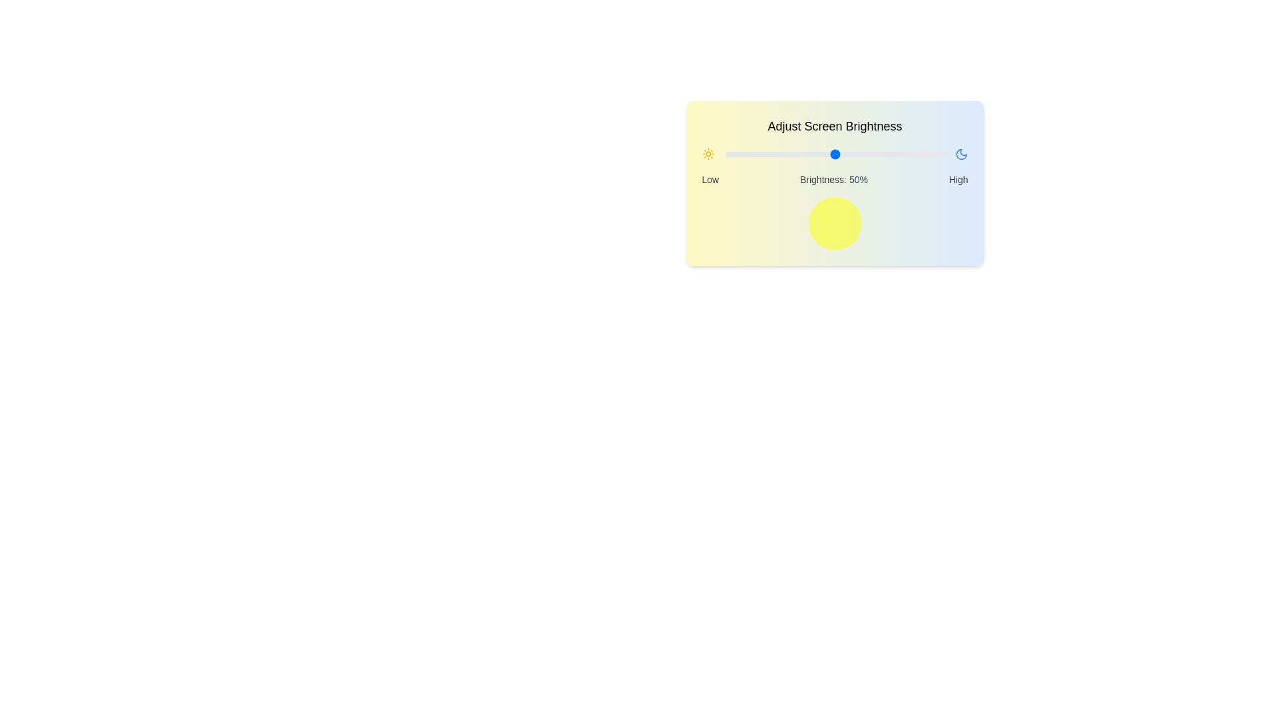  What do you see at coordinates (708, 153) in the screenshot?
I see `the sun icon` at bounding box center [708, 153].